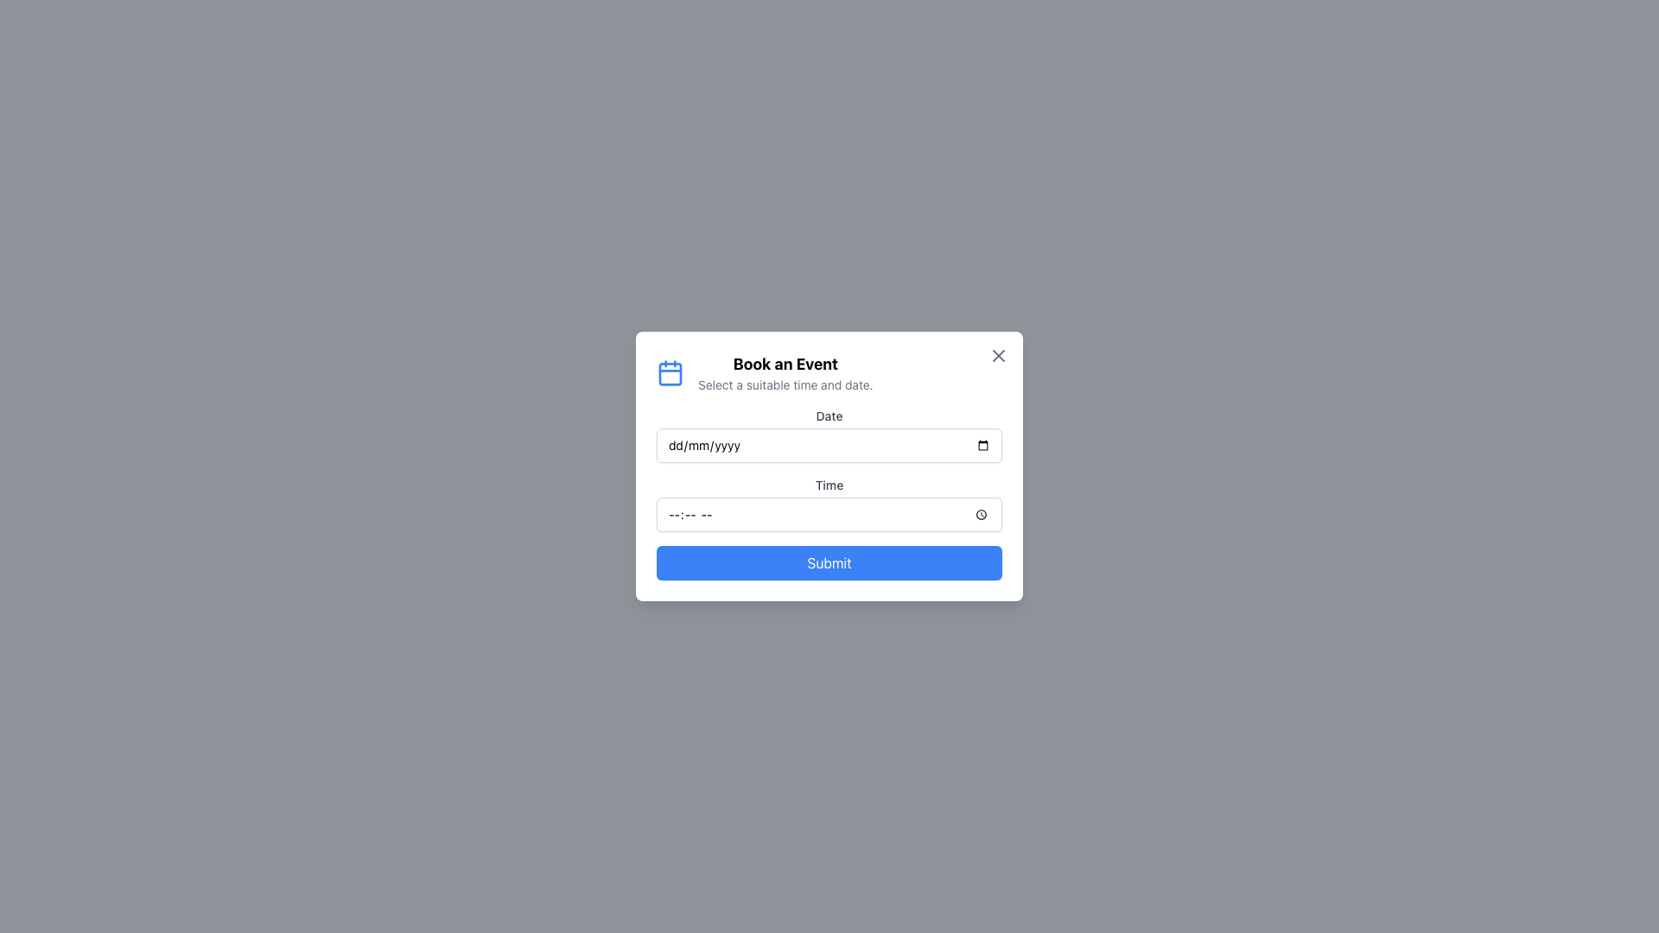 Image resolution: width=1659 pixels, height=933 pixels. What do you see at coordinates (785, 384) in the screenshot?
I see `the static text label that provides guidance about selecting a time and date, positioned below the 'Book an Event' label` at bounding box center [785, 384].